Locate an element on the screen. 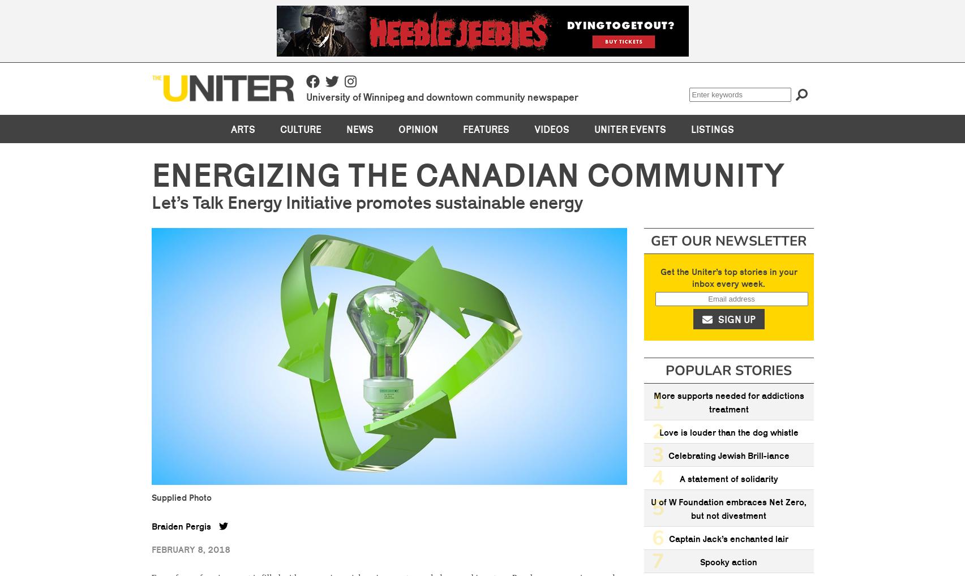 The width and height of the screenshot is (965, 576). 'Features' is located at coordinates (463, 128).